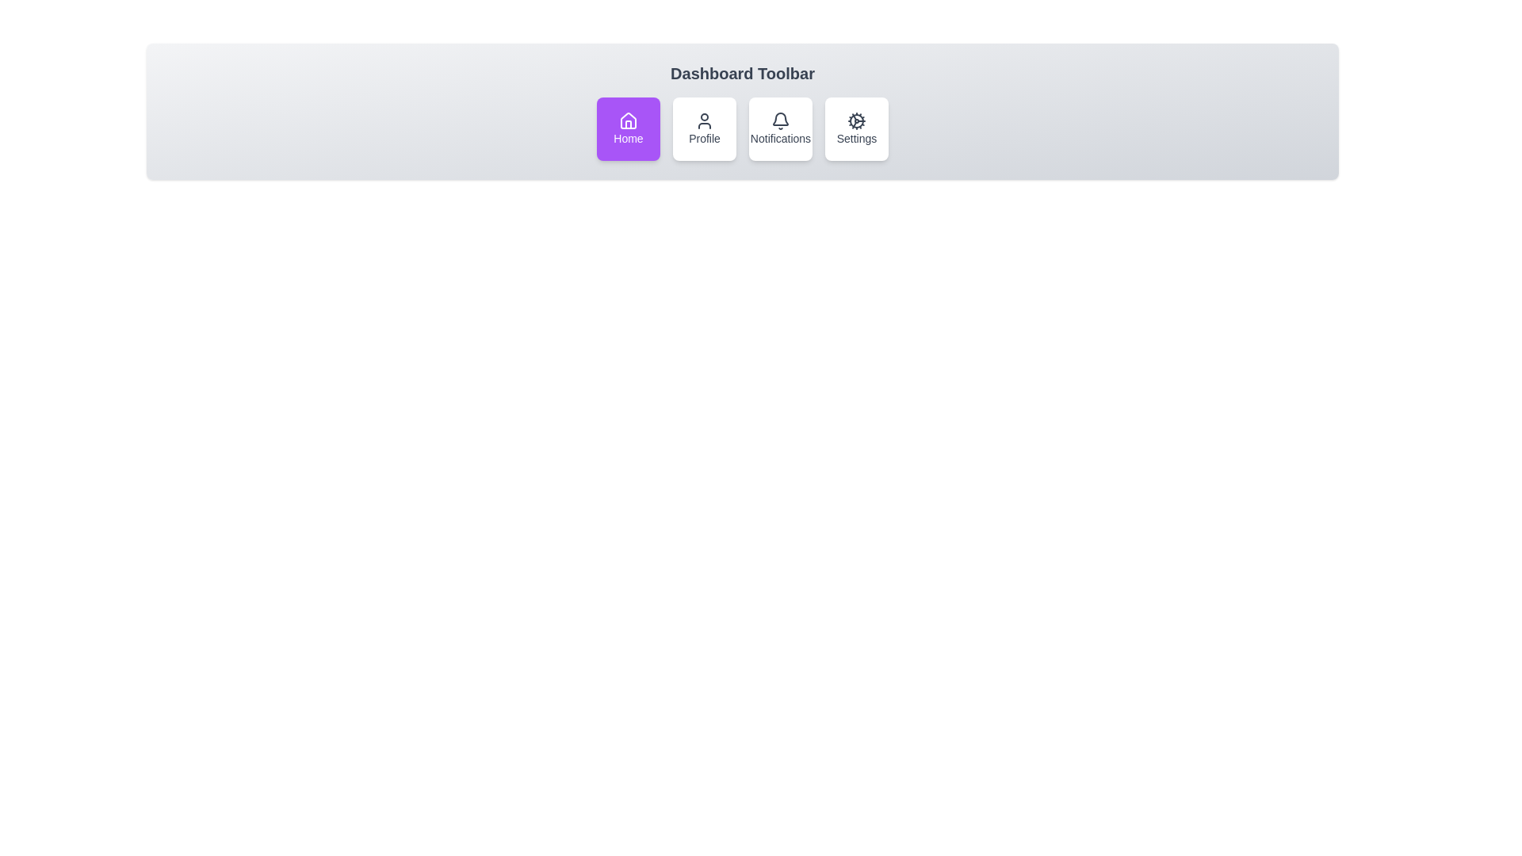 The width and height of the screenshot is (1522, 856). Describe the element at coordinates (780, 128) in the screenshot. I see `the toolbar item labeled Notifications` at that location.